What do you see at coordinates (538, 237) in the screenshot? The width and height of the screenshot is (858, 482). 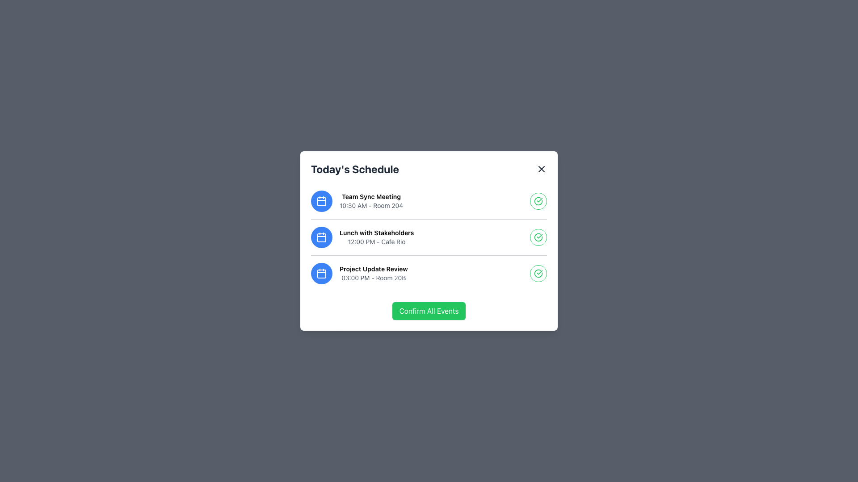 I see `the circular confirmation button located to the far right of the 'Lunch with Stakeholders 12:00 PM - Cafe Rio' section to confirm the event` at bounding box center [538, 237].